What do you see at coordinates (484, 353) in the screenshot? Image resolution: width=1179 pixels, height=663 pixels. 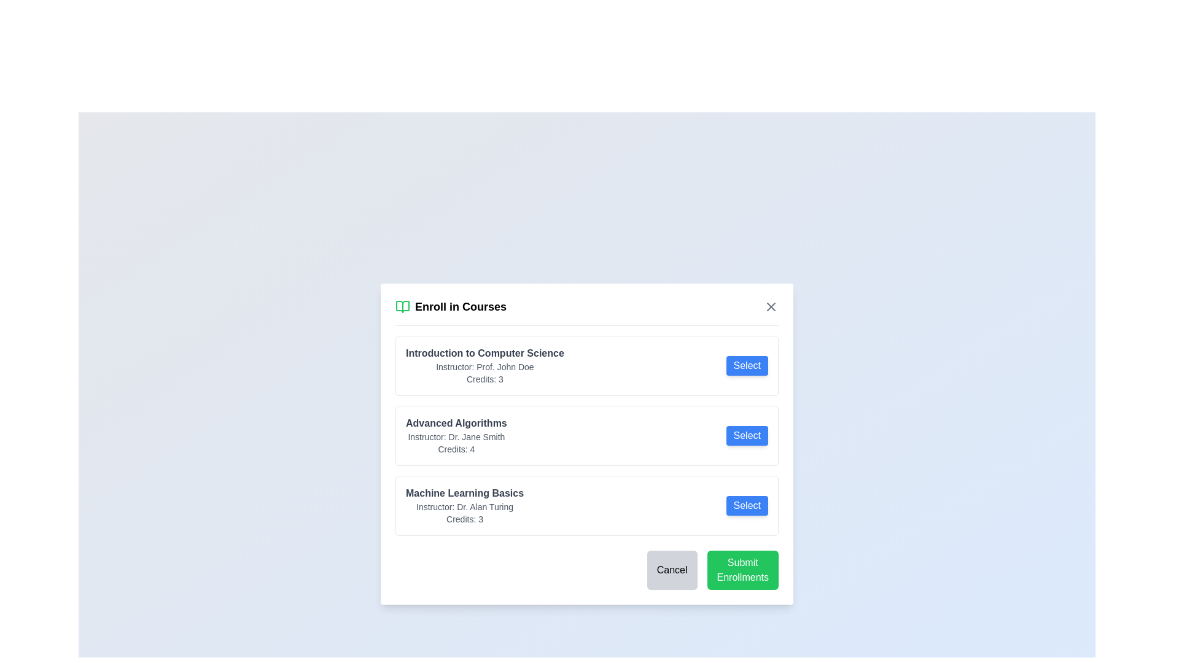 I see `text label displaying 'Introduction to Computer Science' which is styled in bold gray font and located at the top of the first course entry` at bounding box center [484, 353].